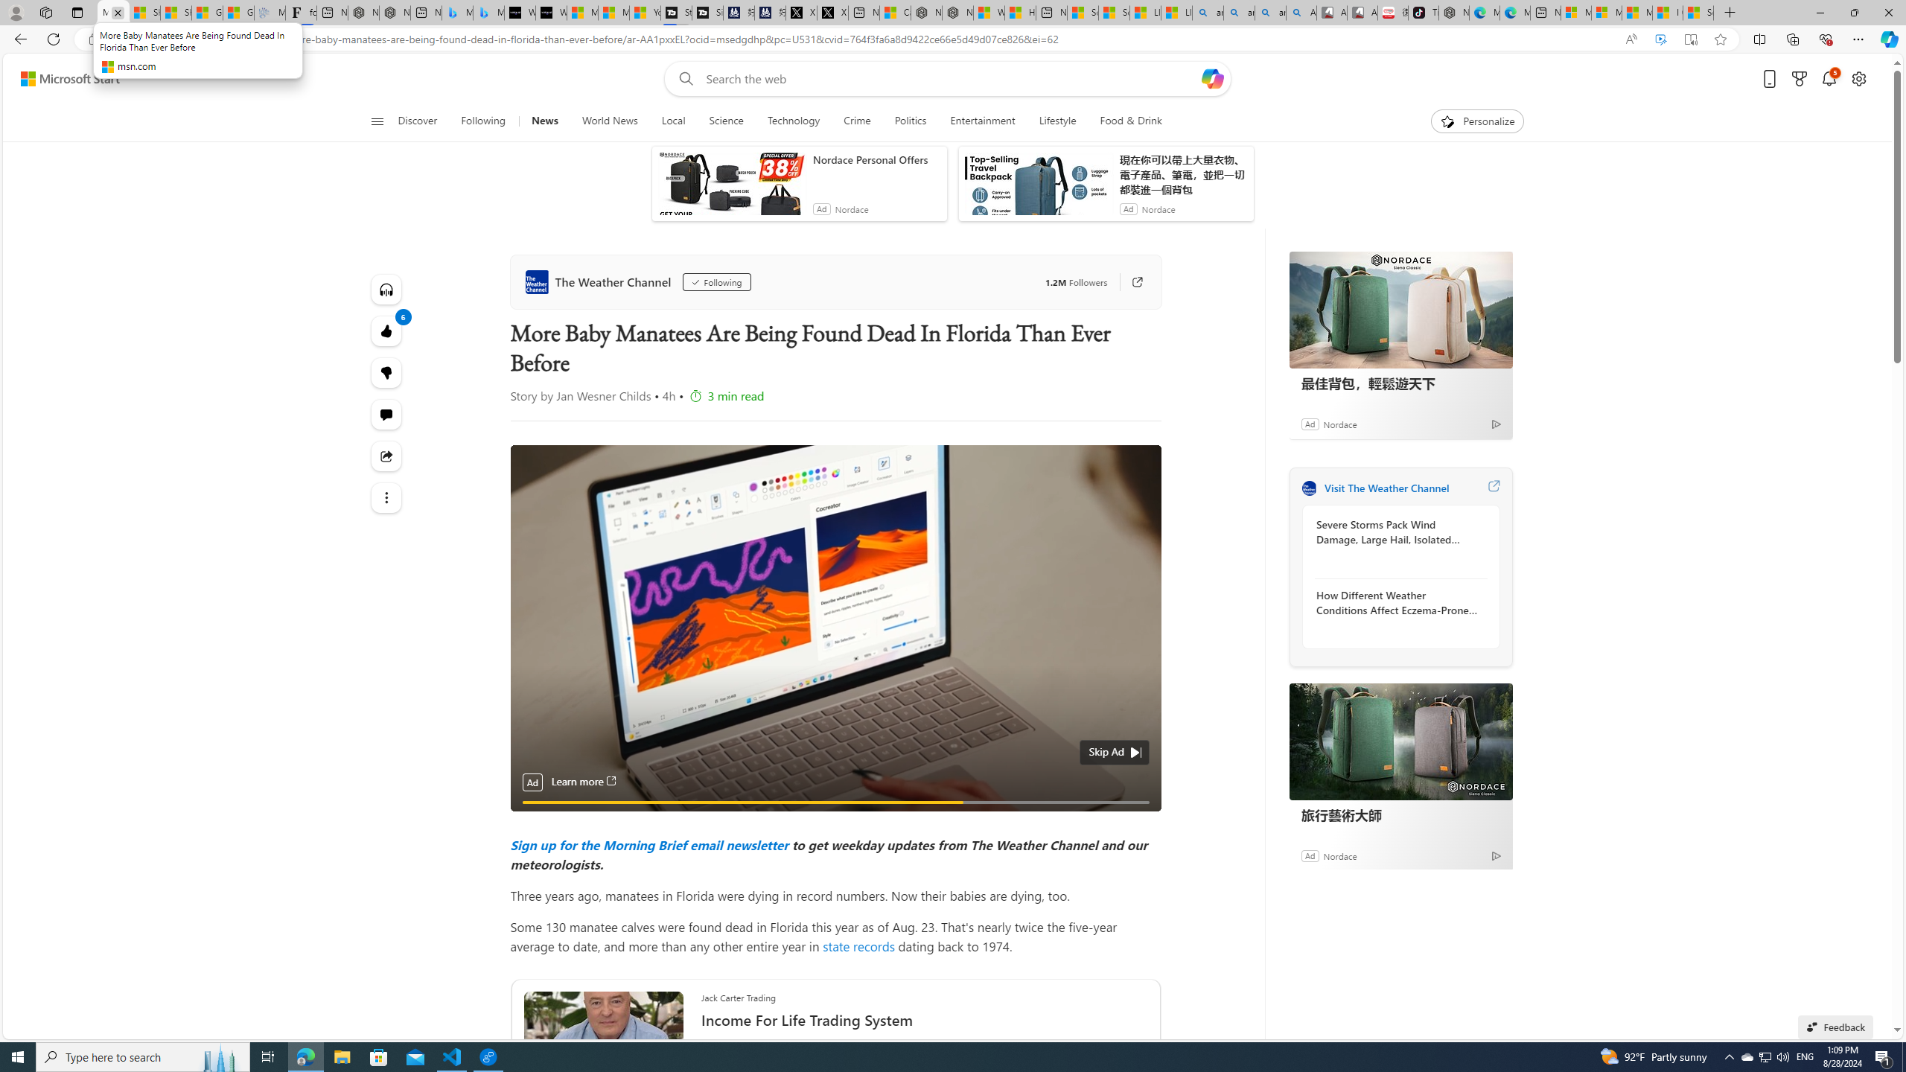  What do you see at coordinates (1730, 12) in the screenshot?
I see `'New Tab'` at bounding box center [1730, 12].